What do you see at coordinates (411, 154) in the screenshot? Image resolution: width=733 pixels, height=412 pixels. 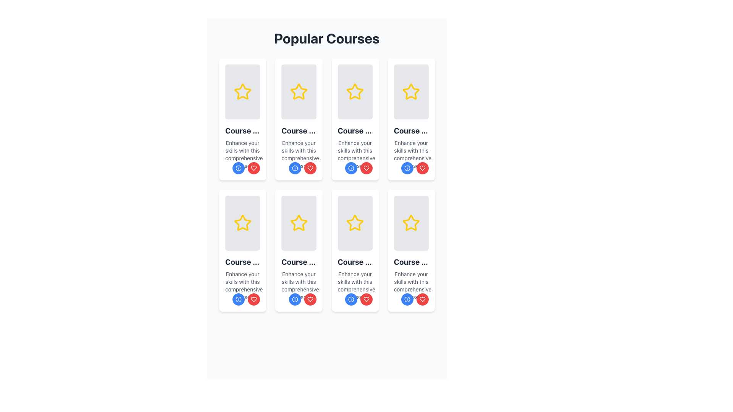 I see `brief description text of the course located in the second row, third column of the course card grid` at bounding box center [411, 154].